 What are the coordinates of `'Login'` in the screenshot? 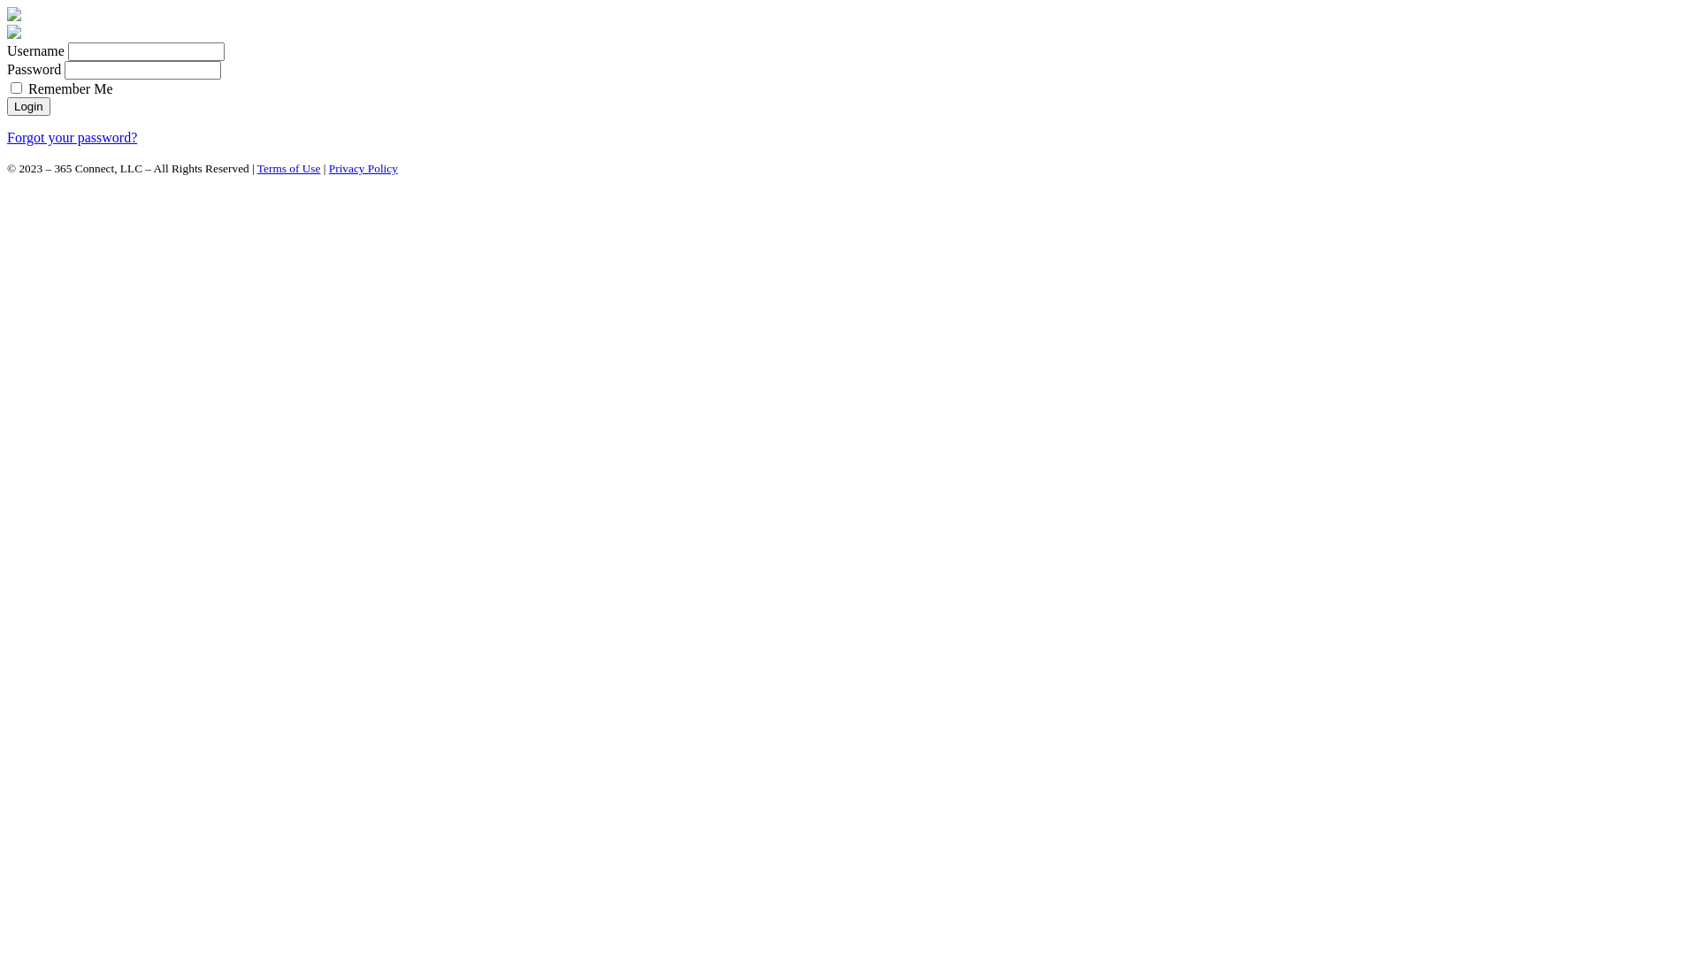 It's located at (28, 106).